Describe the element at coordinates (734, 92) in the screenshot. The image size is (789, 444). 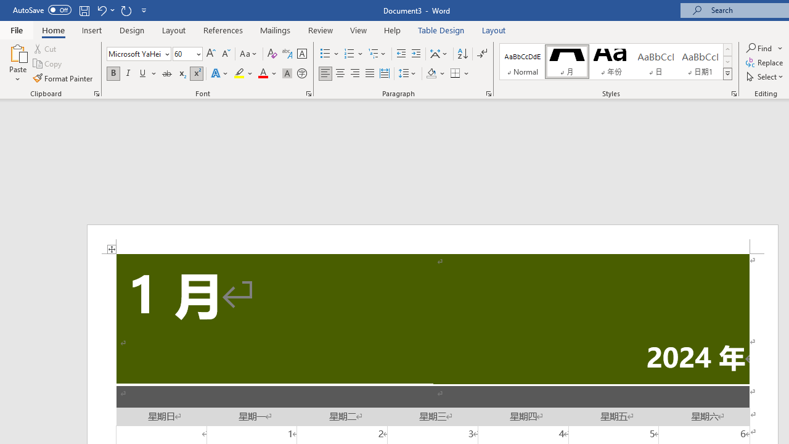
I see `'Styles...'` at that location.